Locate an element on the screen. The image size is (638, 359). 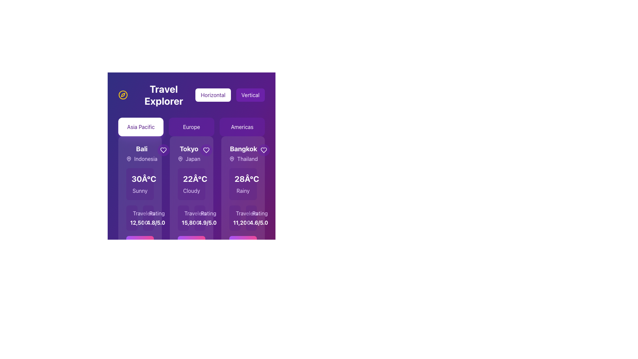
the favorite icon button in the 'Bangkok, Thailand' card located in the 'Asia Pacific' section of the Travel Explorer interface is located at coordinates (263, 150).